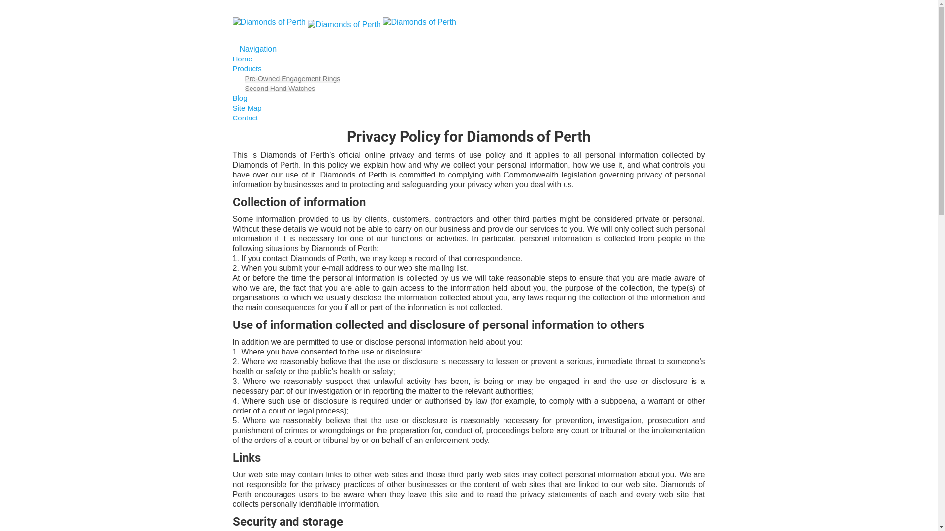 The height and width of the screenshot is (531, 945). Describe the element at coordinates (245, 117) in the screenshot. I see `'Contact'` at that location.